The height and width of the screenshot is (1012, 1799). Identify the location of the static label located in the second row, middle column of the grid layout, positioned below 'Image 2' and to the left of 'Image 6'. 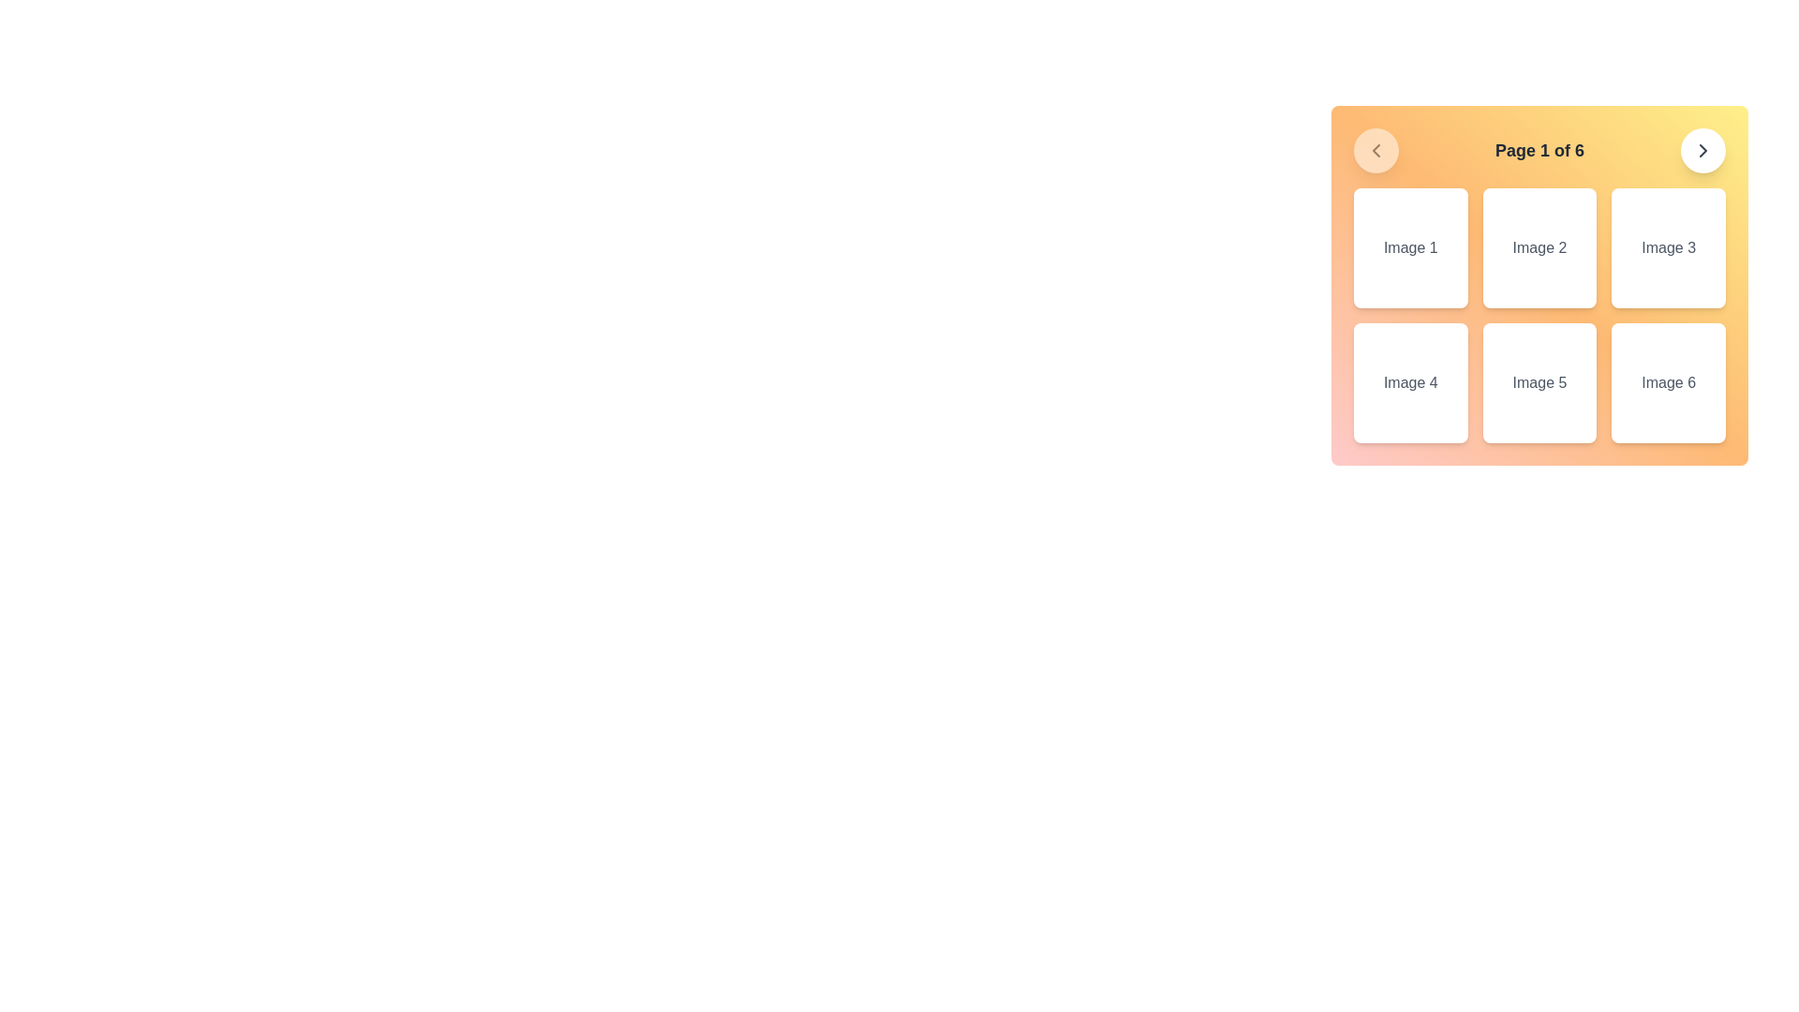
(1539, 381).